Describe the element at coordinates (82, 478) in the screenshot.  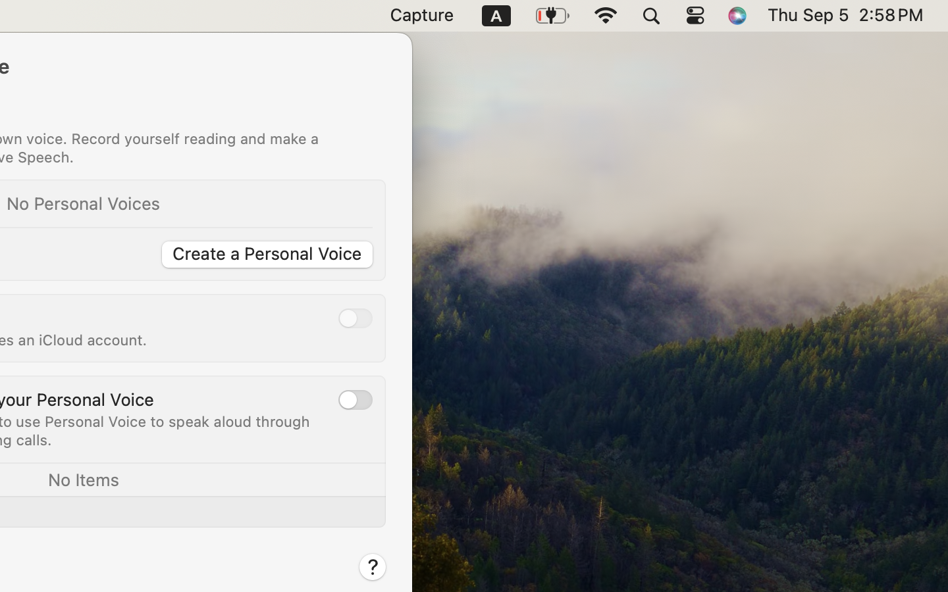
I see `'No Items'` at that location.